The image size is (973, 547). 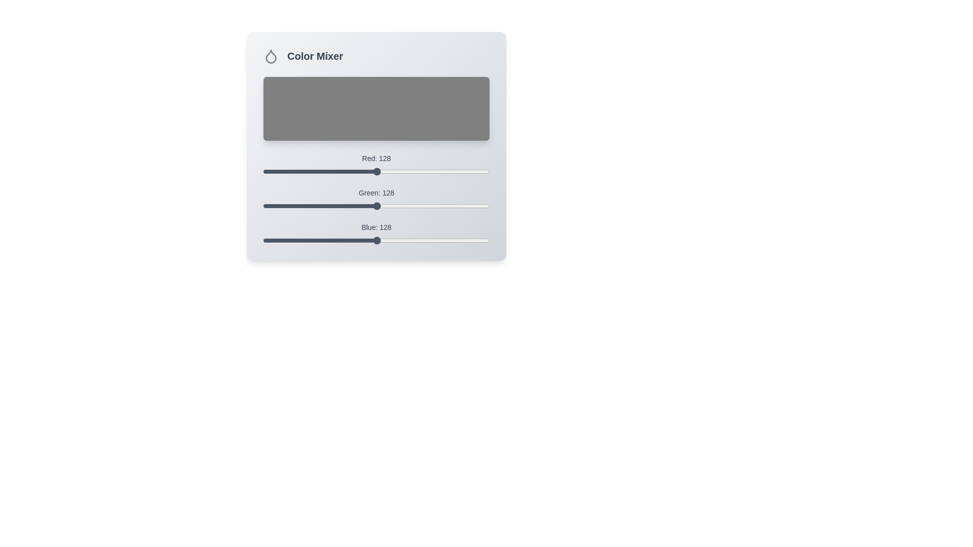 What do you see at coordinates (307, 167) in the screenshot?
I see `the 0 slider to 50` at bounding box center [307, 167].